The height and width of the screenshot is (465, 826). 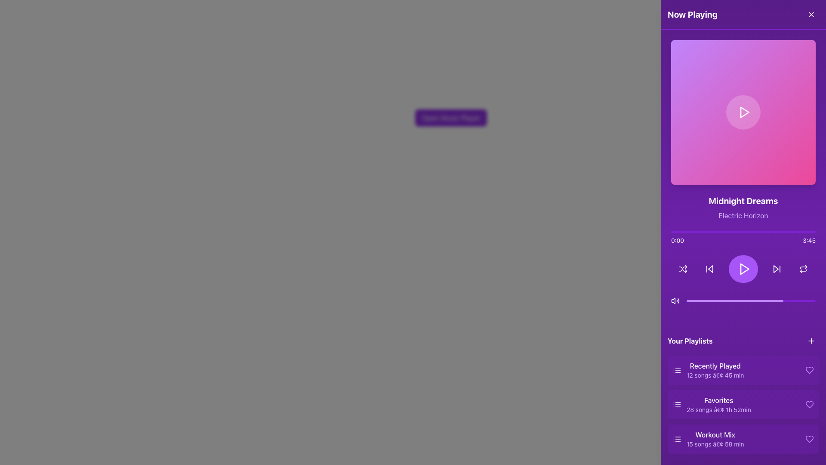 What do you see at coordinates (712, 405) in the screenshot?
I see `on the second playlist entry in the 'Favorites' section` at bounding box center [712, 405].